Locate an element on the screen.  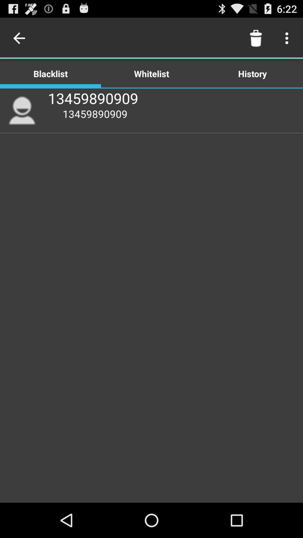
icon to the right of the blacklist is located at coordinates (151, 73).